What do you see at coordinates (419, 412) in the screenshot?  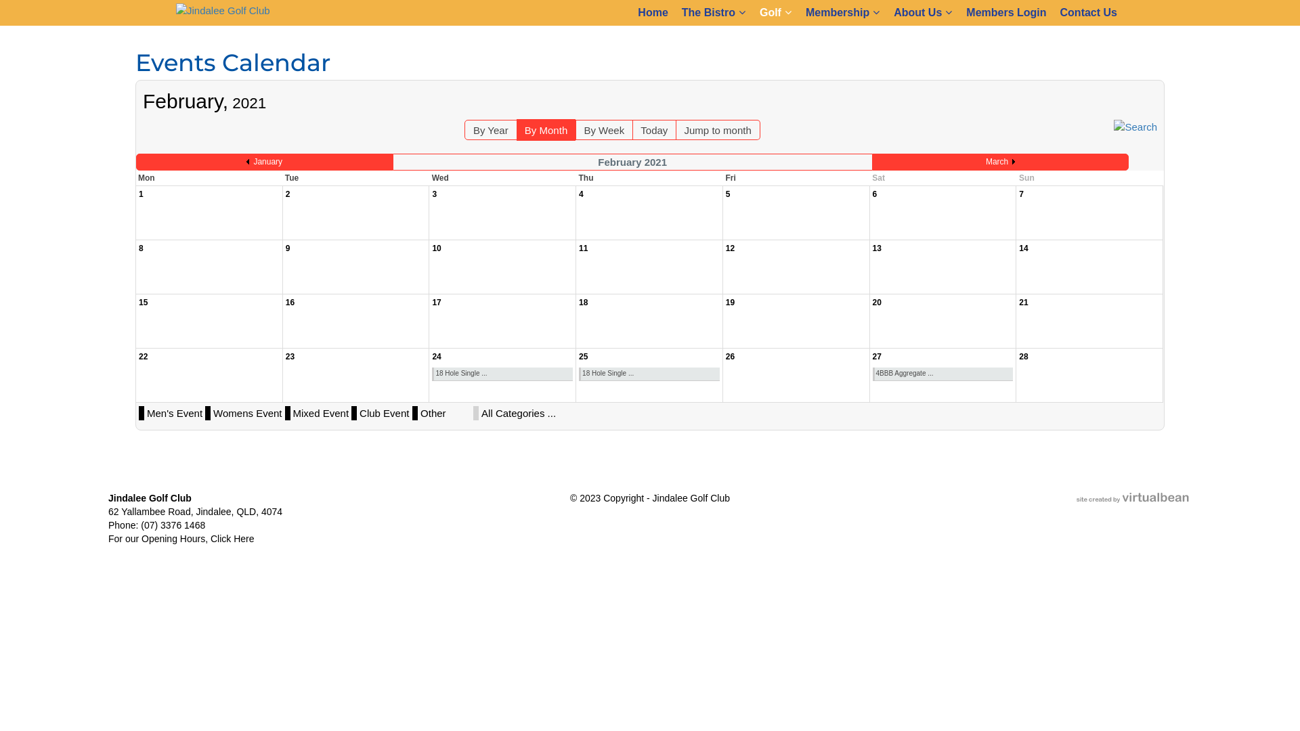 I see `'Other'` at bounding box center [419, 412].